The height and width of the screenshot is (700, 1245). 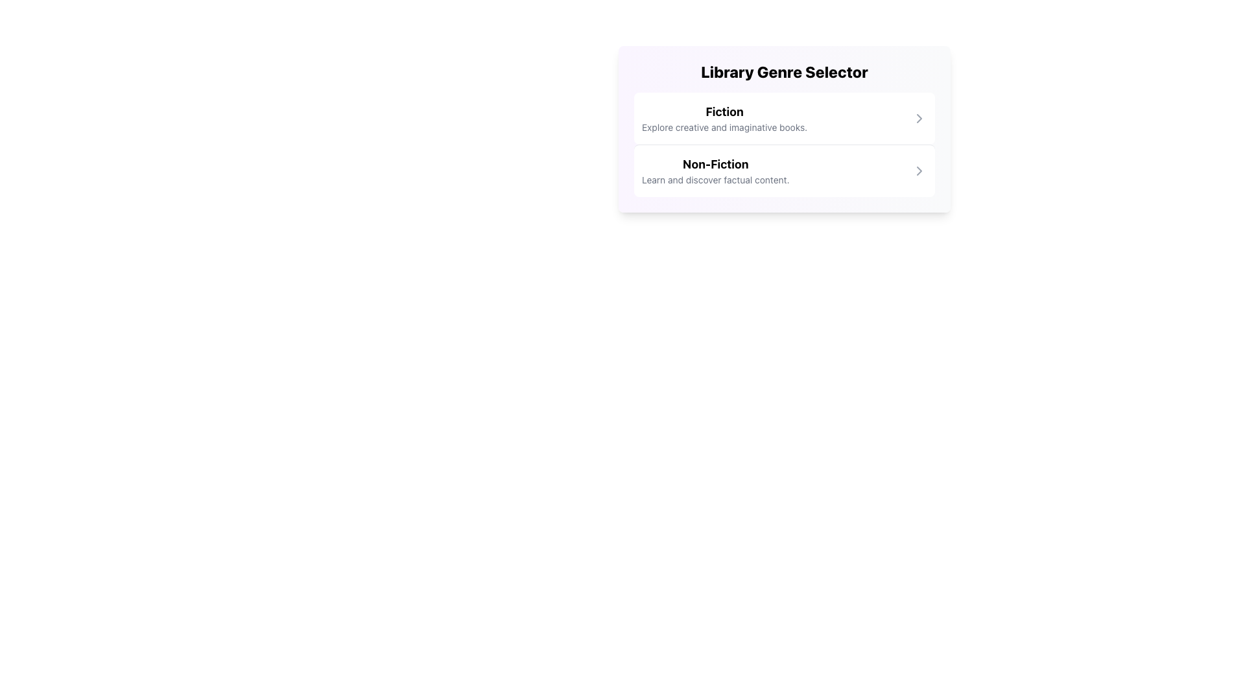 What do you see at coordinates (724, 111) in the screenshot?
I see `the bold, large-sized text label reading 'Fiction' that is centrally aligned and located above the descriptive text in the 'Library Genre Selector' section` at bounding box center [724, 111].